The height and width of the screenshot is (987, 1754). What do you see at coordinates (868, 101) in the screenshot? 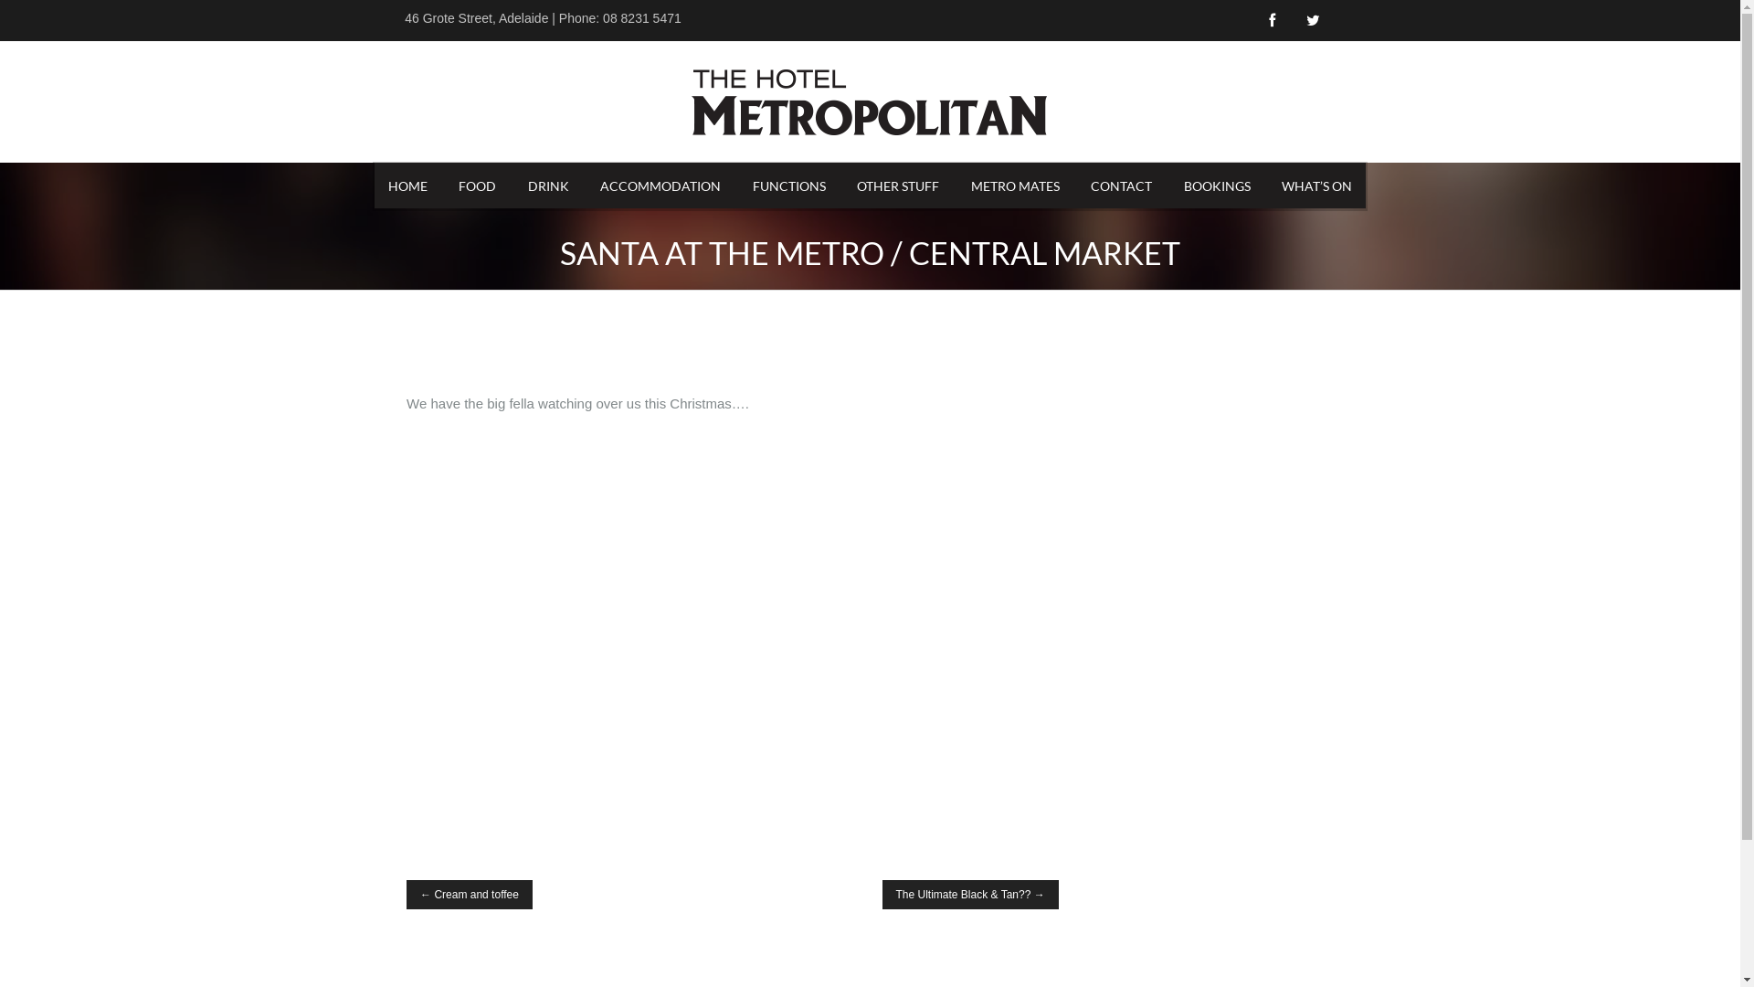
I see `'Hotel Metro'` at bounding box center [868, 101].